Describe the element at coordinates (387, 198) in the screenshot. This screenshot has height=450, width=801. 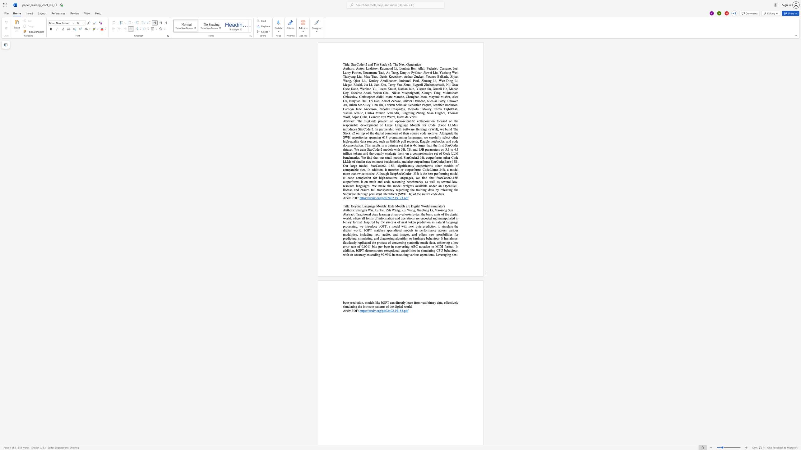
I see `the 1th character "2" in the text` at that location.